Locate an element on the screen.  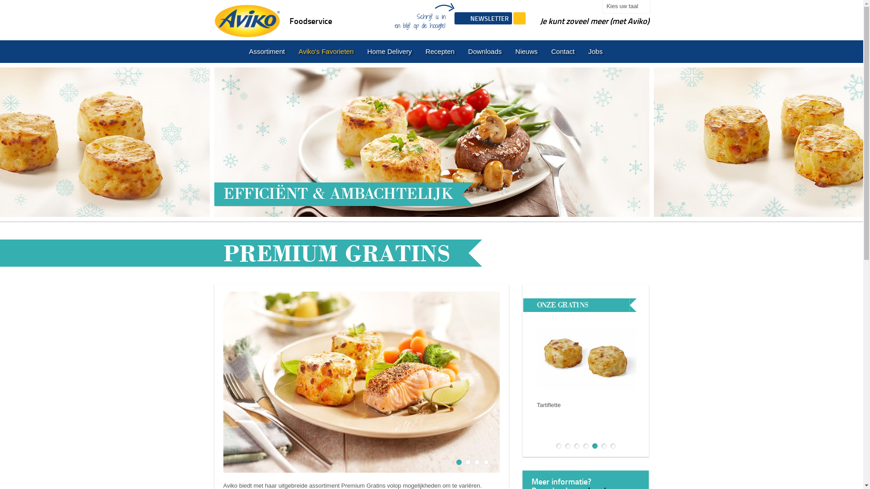
'6' is located at coordinates (601, 445).